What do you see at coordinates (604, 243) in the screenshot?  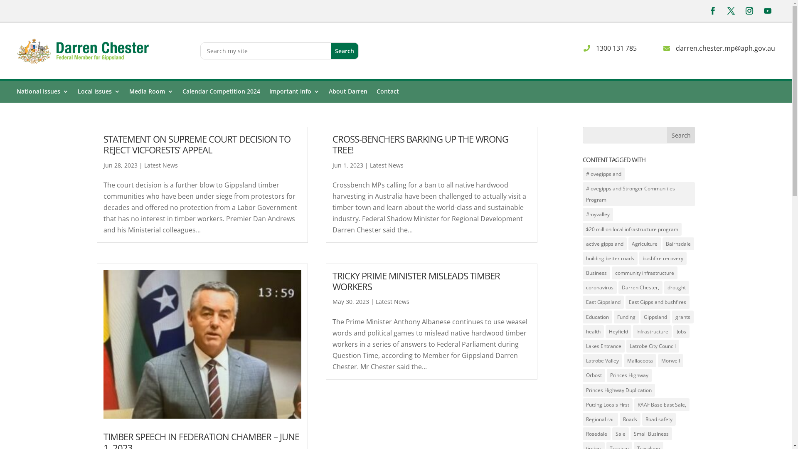 I see `'active gippsland'` at bounding box center [604, 243].